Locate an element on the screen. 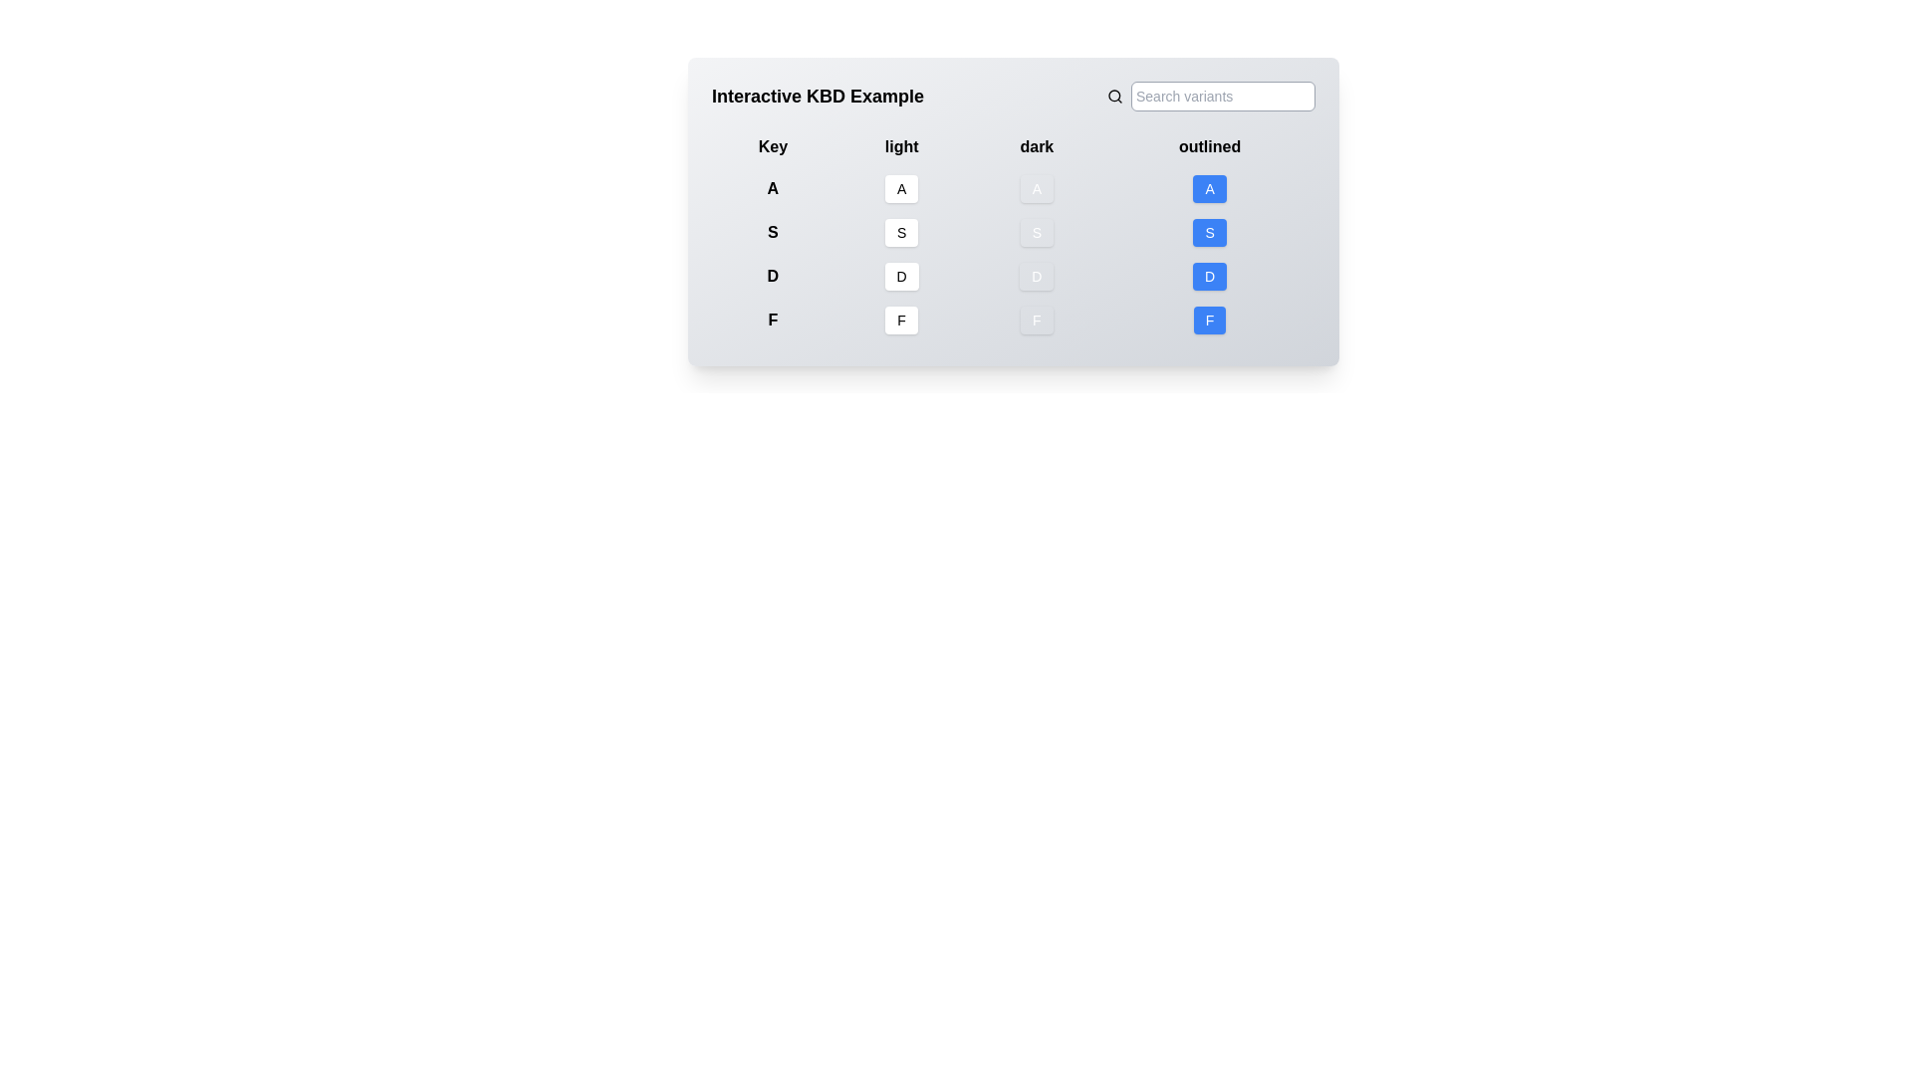 Image resolution: width=1912 pixels, height=1075 pixels. the text label 'dark' which is the third item in a four-column header row of a table, positioned between 'light' and 'outlined' is located at coordinates (1013, 145).